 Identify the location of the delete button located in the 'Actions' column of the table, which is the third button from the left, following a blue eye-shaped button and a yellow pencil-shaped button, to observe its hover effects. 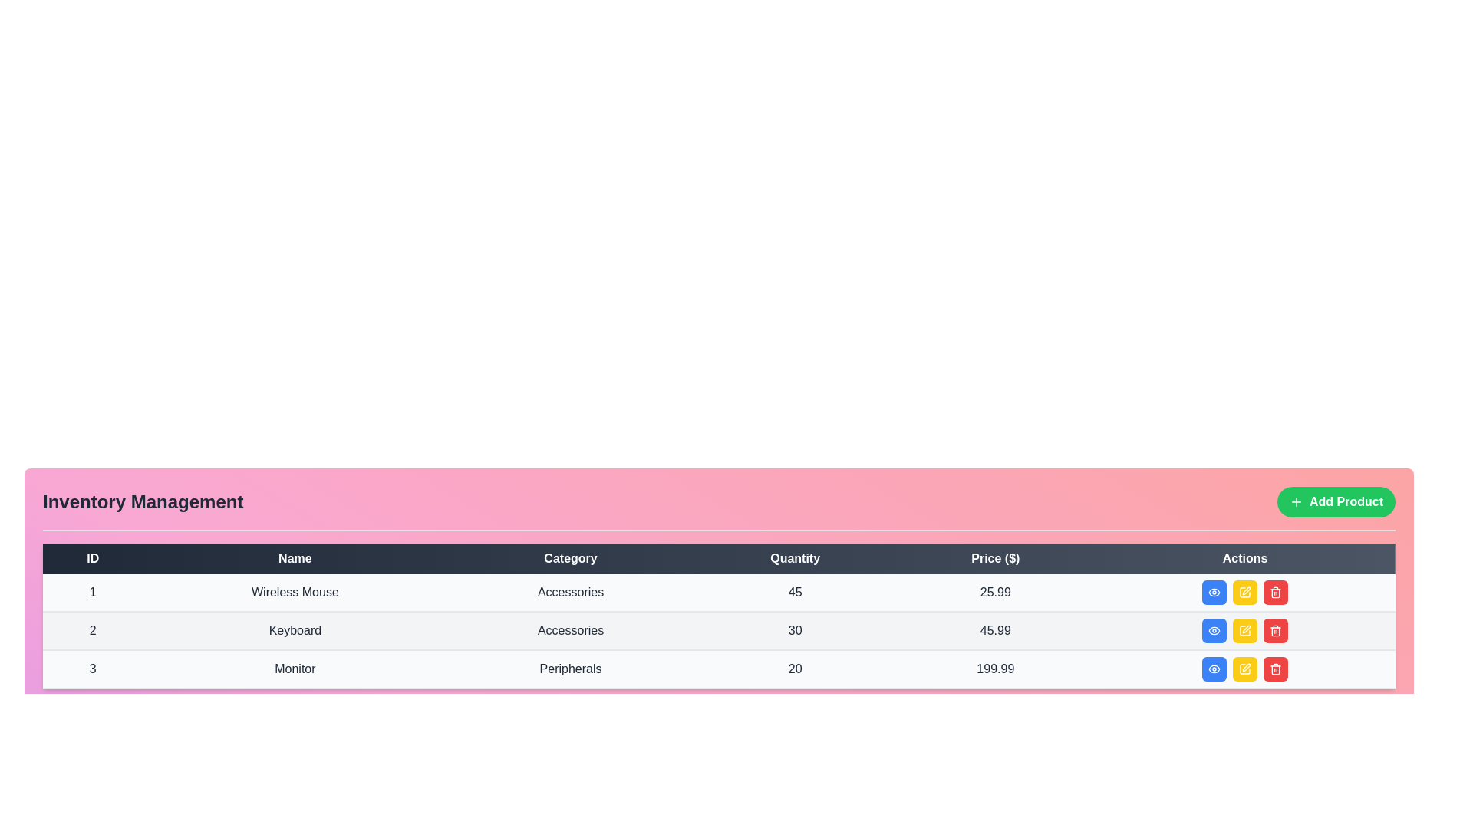
(1276, 591).